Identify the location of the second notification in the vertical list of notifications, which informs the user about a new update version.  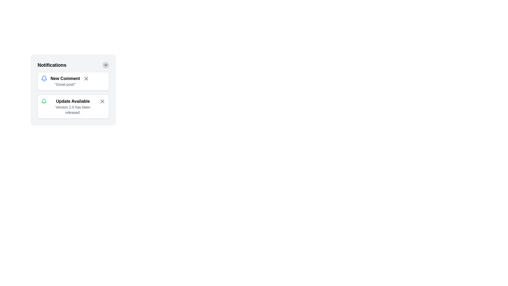
(72, 106).